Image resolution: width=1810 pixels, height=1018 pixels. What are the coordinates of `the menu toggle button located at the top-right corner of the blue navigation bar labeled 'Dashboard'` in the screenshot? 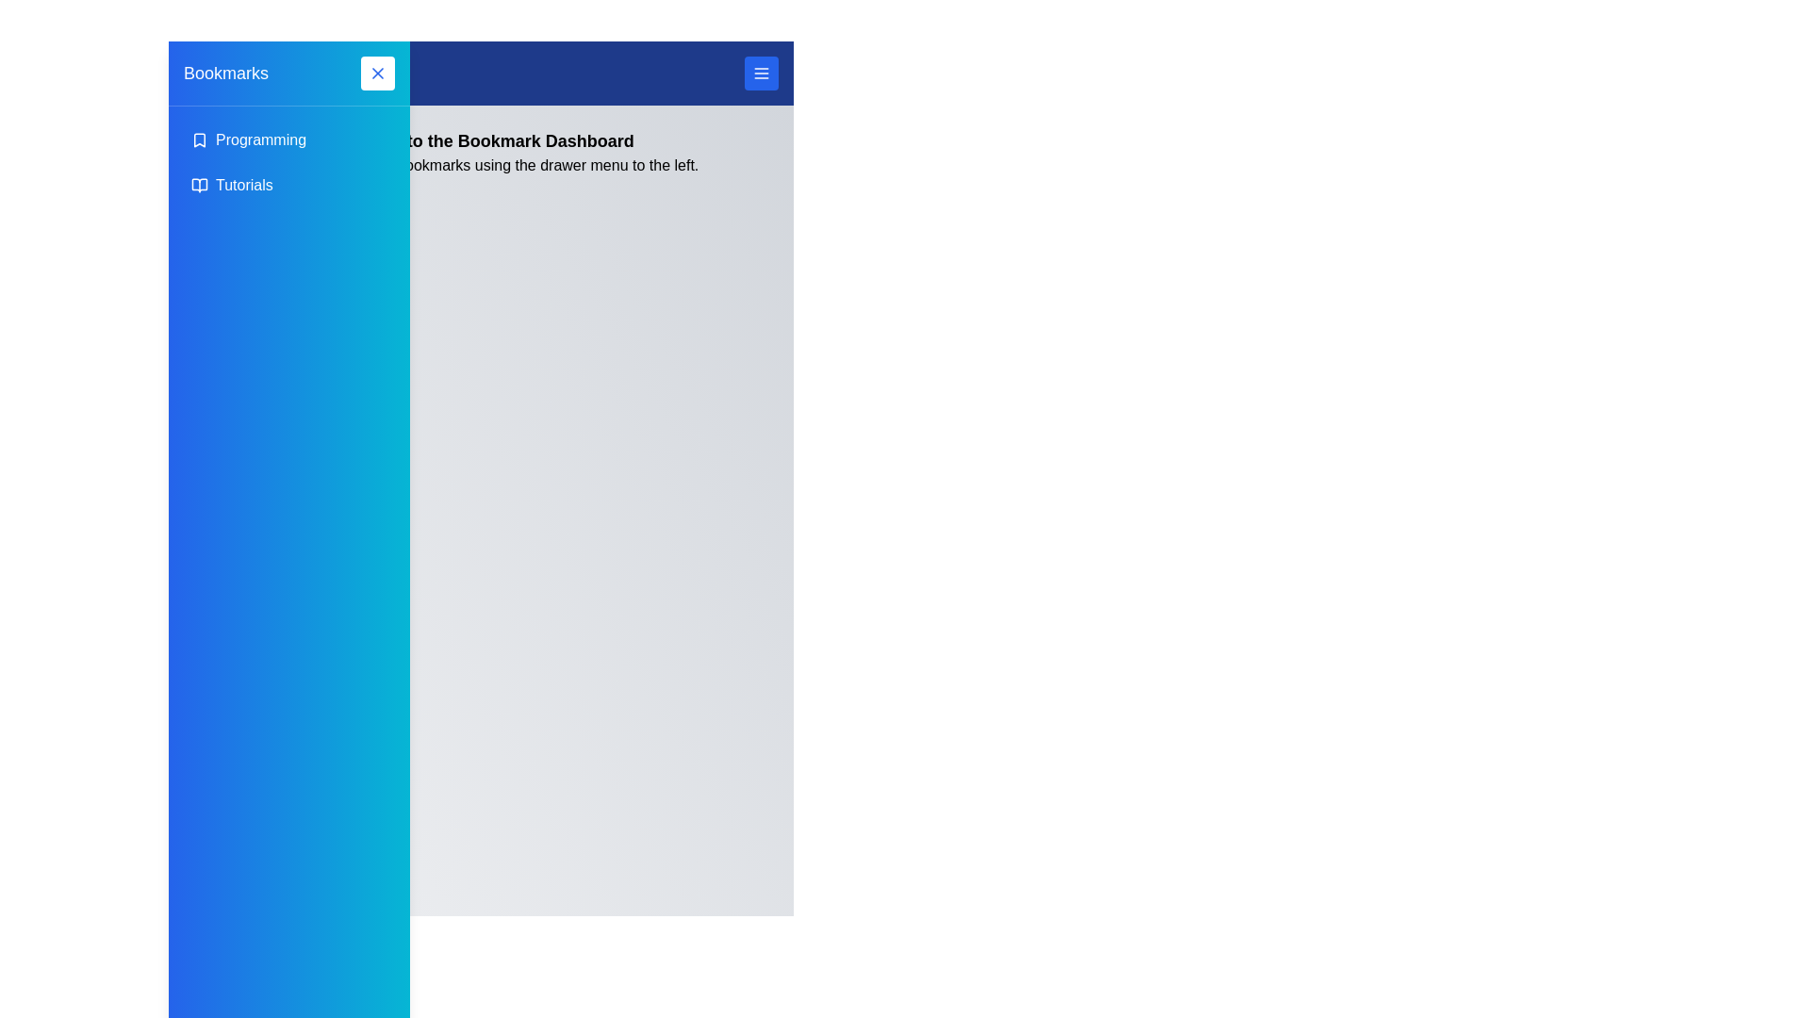 It's located at (761, 72).